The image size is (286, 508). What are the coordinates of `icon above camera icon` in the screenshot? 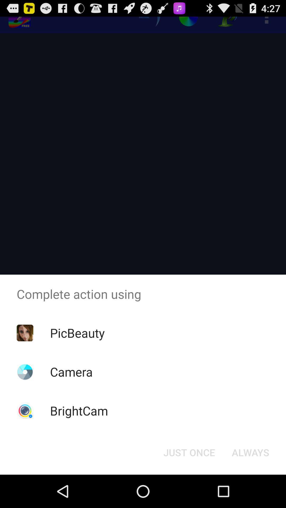 It's located at (77, 333).